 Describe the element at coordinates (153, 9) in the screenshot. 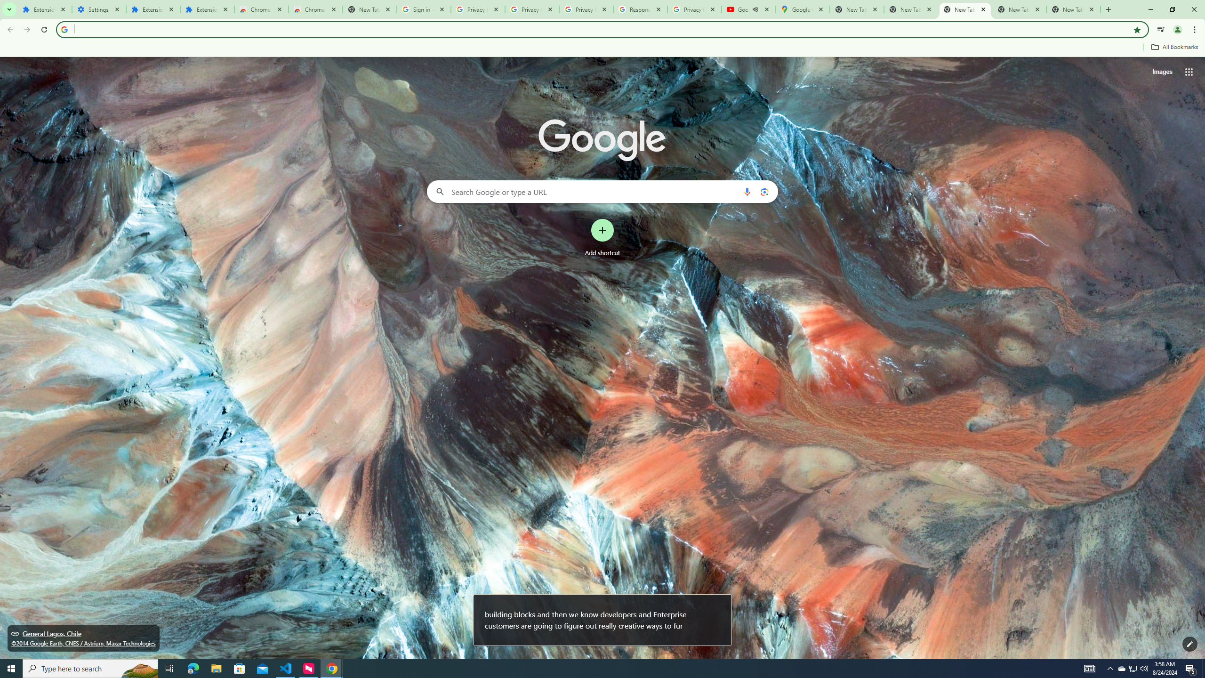

I see `'Extensions'` at that location.